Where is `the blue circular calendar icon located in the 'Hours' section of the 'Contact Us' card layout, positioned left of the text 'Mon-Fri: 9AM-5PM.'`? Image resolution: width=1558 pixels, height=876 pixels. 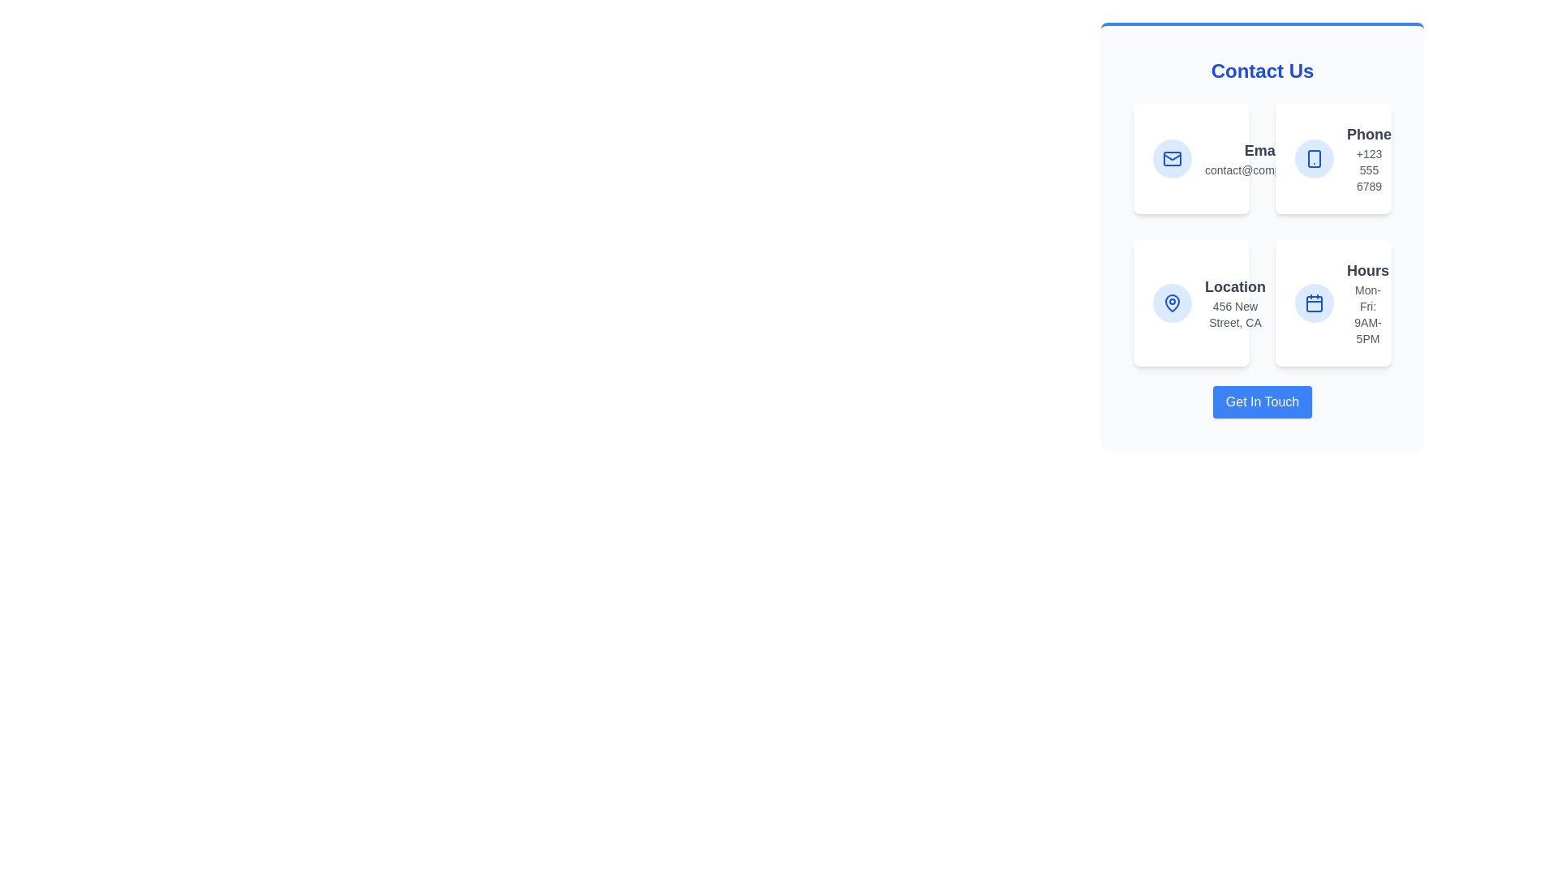
the blue circular calendar icon located in the 'Hours' section of the 'Contact Us' card layout, positioned left of the text 'Mon-Fri: 9AM-5PM.' is located at coordinates (1315, 303).